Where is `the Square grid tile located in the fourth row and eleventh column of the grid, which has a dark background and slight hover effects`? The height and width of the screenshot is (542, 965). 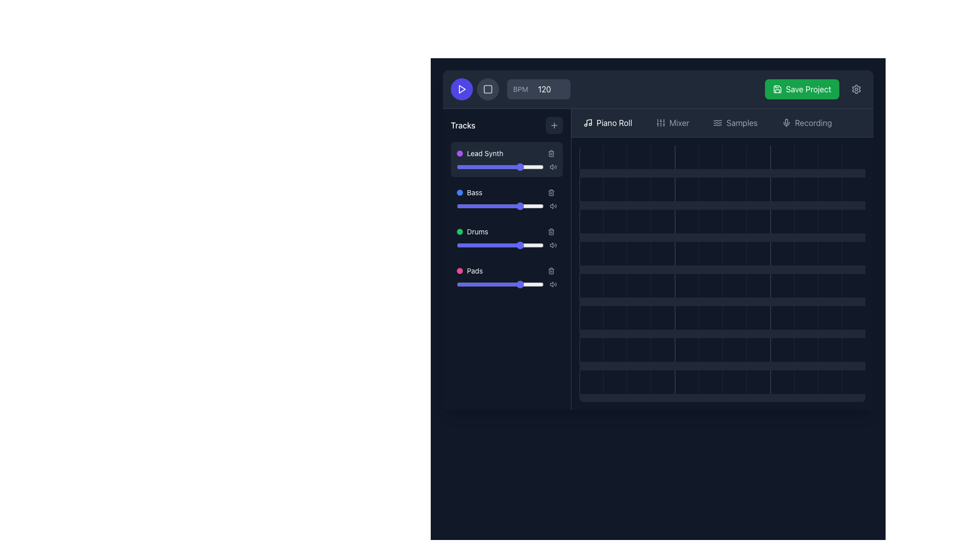 the Square grid tile located in the fourth row and eleventh column of the grid, which has a dark background and slight hover effects is located at coordinates (830, 157).